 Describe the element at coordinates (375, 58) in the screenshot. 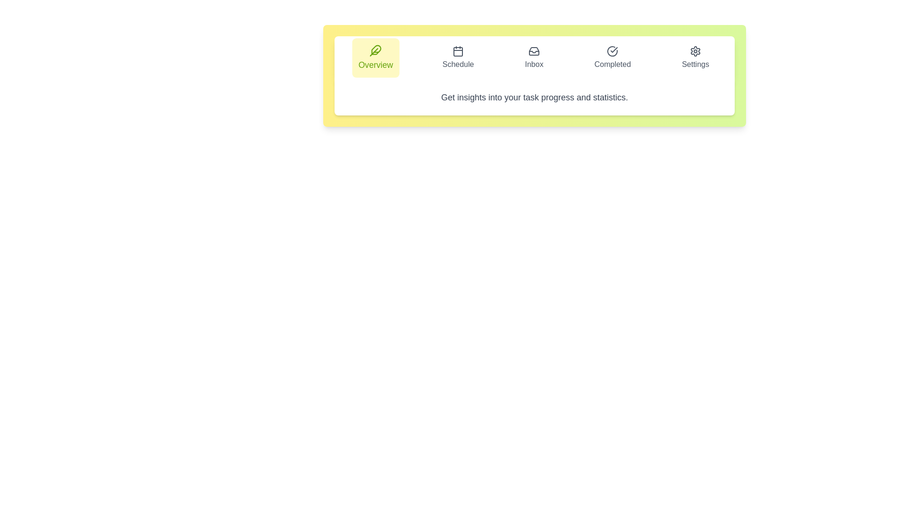

I see `the Overview tab to inspect its layout and design` at that location.